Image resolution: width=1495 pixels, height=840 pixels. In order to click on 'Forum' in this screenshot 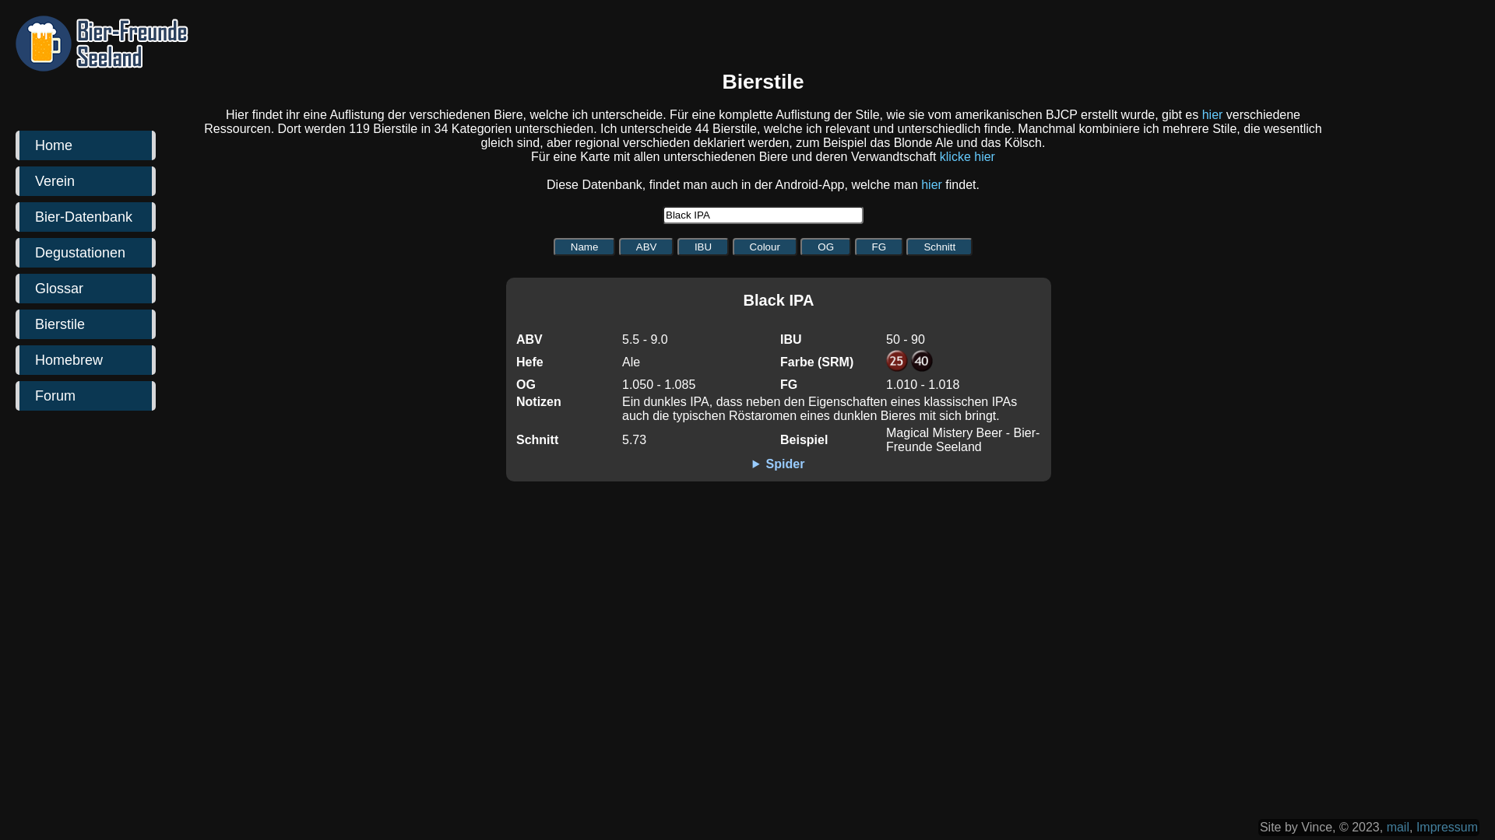, I will do `click(85, 395)`.